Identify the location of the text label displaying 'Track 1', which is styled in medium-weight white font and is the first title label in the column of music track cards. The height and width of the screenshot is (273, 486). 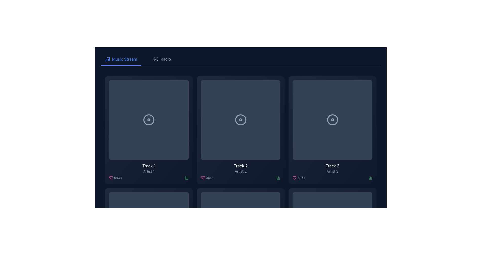
(149, 166).